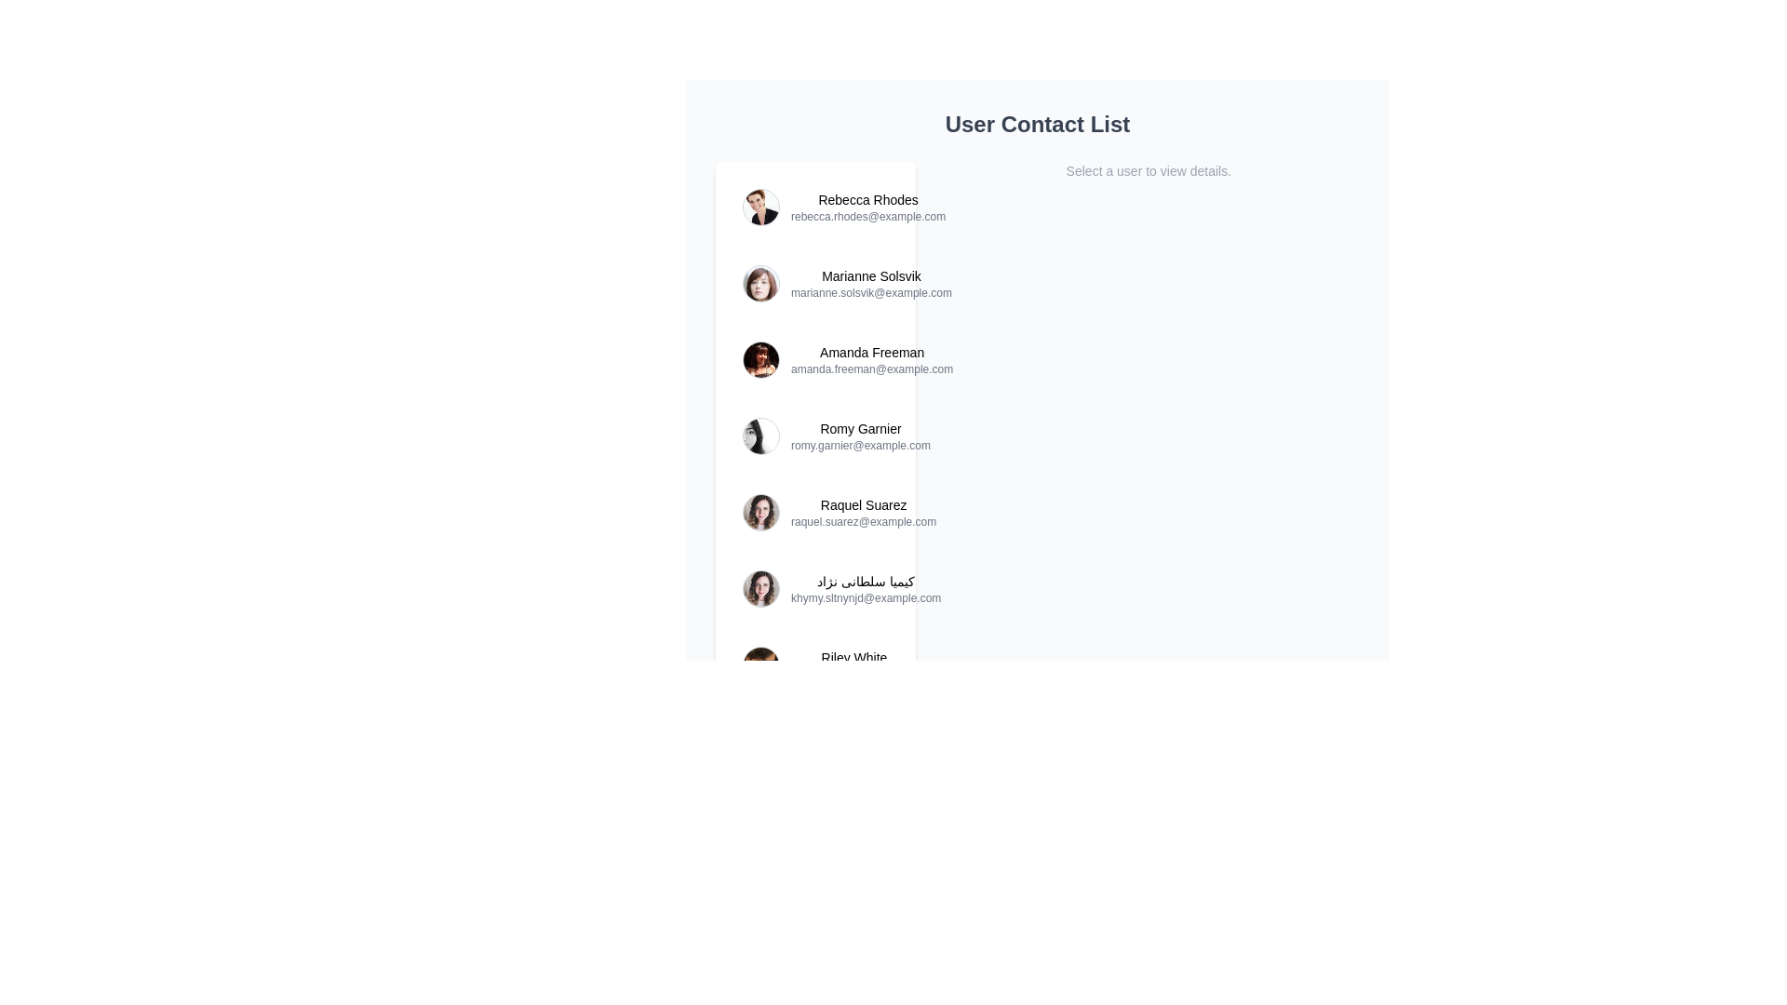 This screenshot has height=1005, width=1787. What do you see at coordinates (871, 352) in the screenshot?
I see `the static text label displaying 'Amanda Freeman', which is styled in bold and positioned at the top of the user information list` at bounding box center [871, 352].